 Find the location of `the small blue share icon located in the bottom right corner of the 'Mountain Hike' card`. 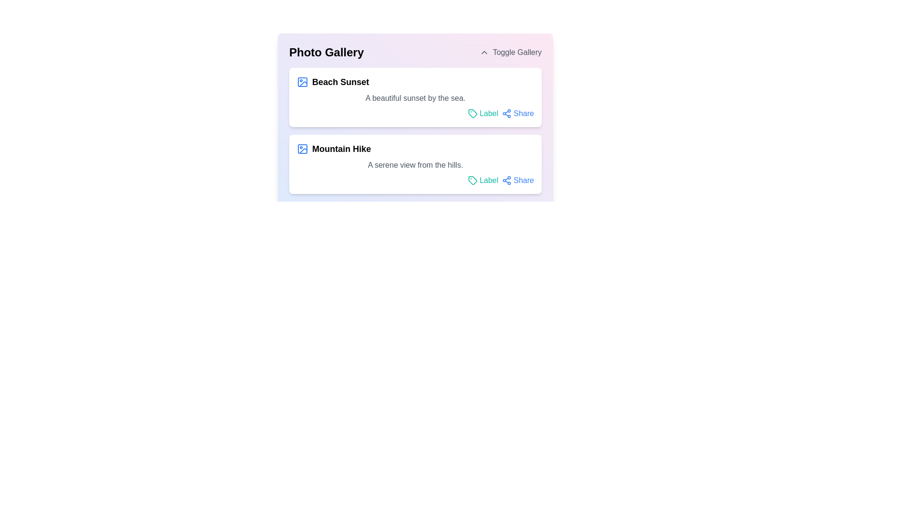

the small blue share icon located in the bottom right corner of the 'Mountain Hike' card is located at coordinates (506, 181).